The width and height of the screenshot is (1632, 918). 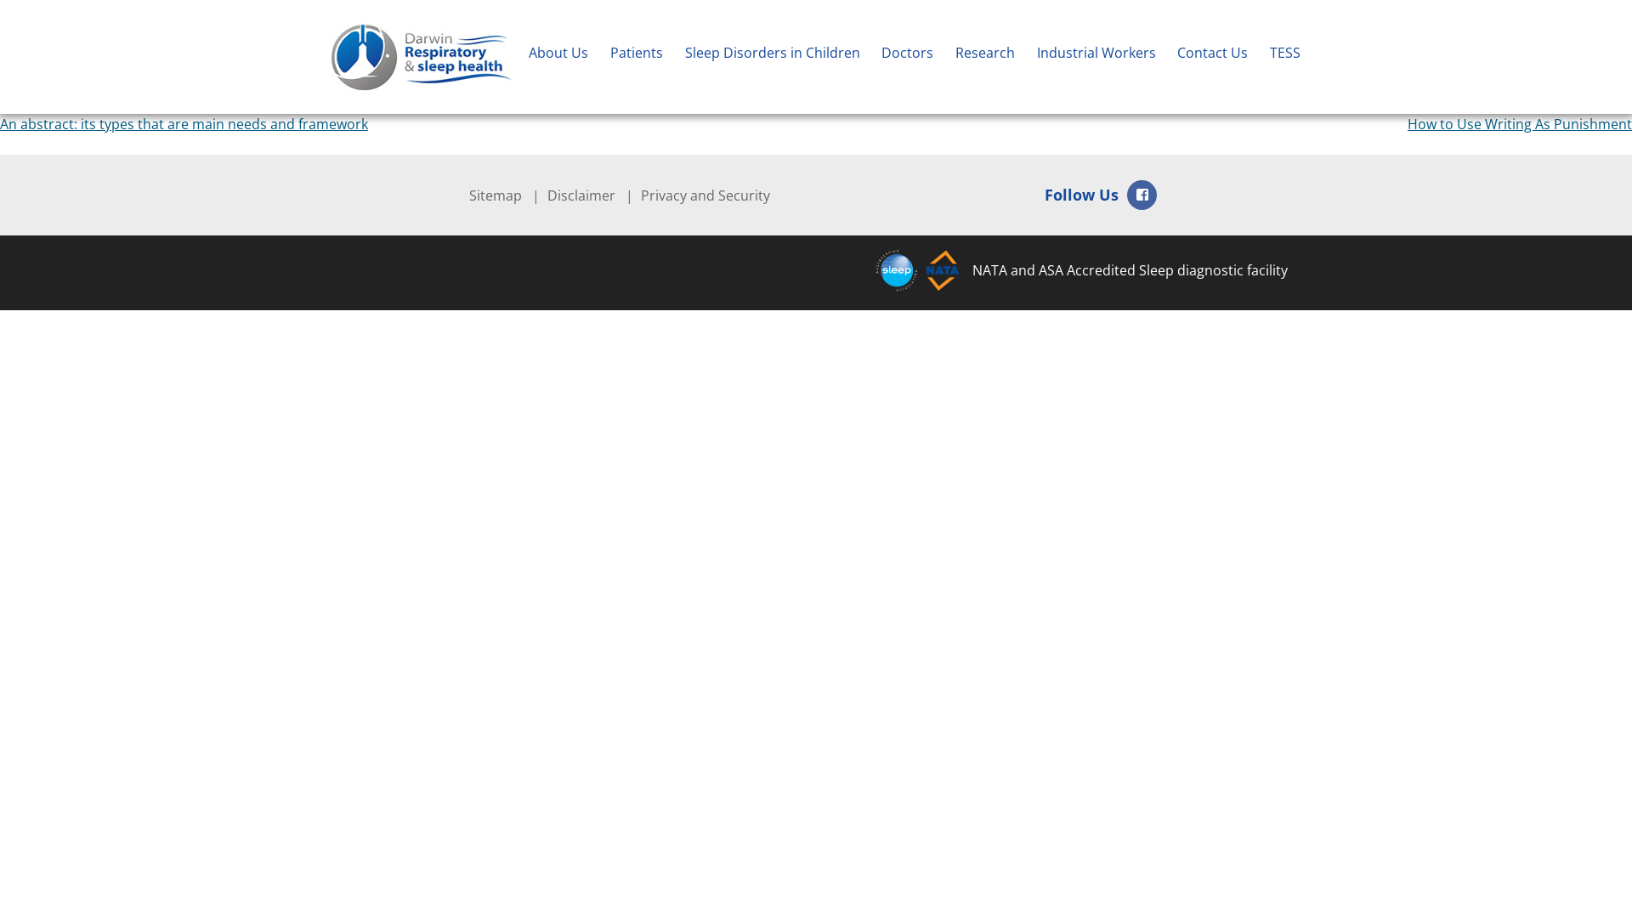 What do you see at coordinates (705, 193) in the screenshot?
I see `'Privacy and Security'` at bounding box center [705, 193].